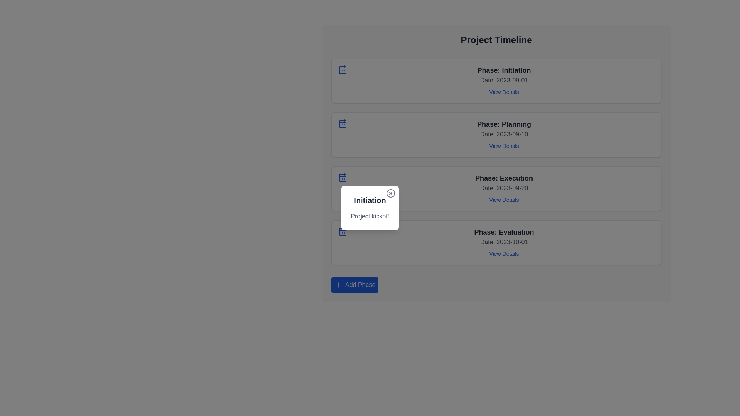 The width and height of the screenshot is (740, 416). I want to click on the hyperlink located at the bottom of the 'Phase: Execution' block to underline the text, so click(504, 200).